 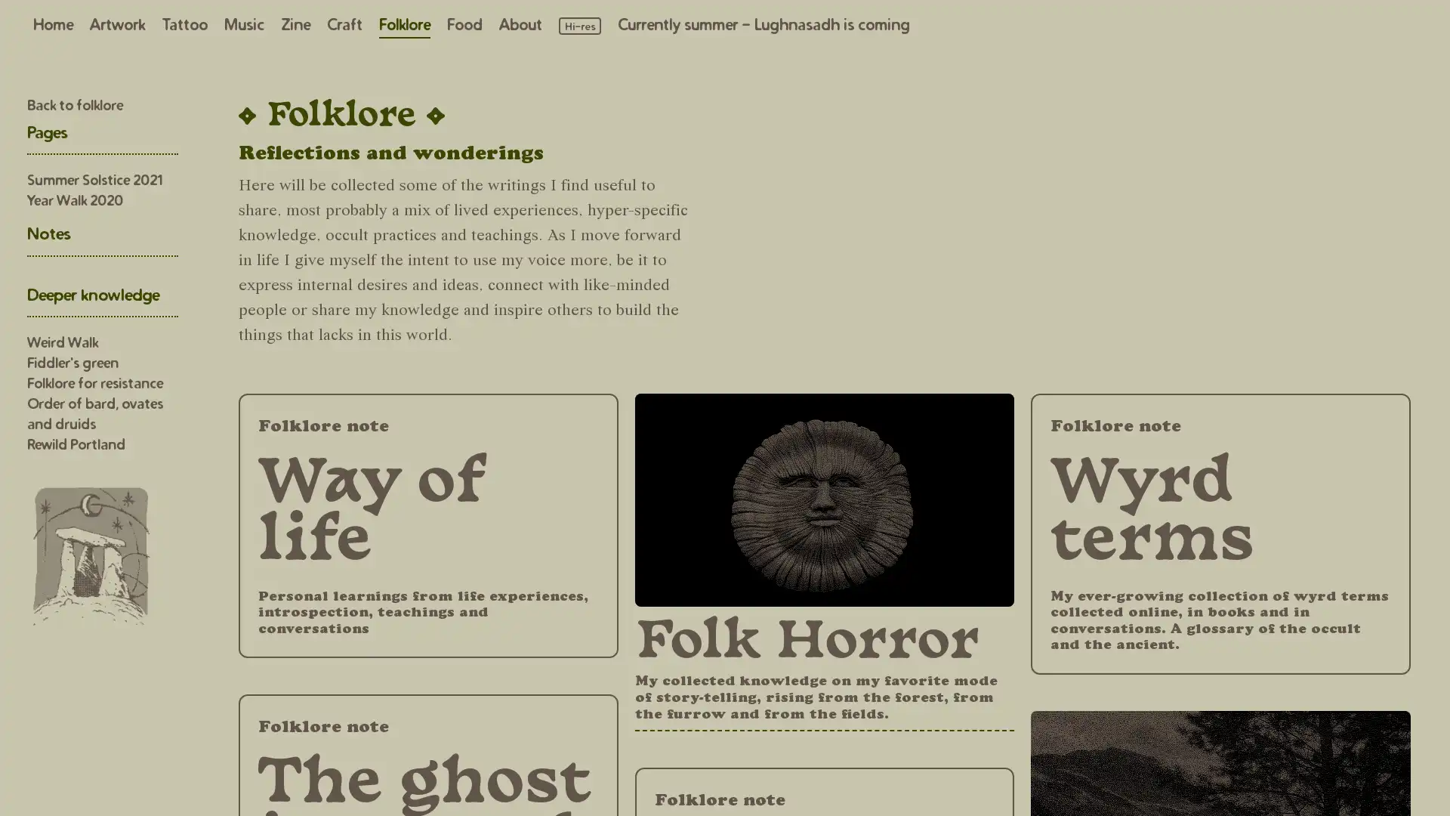 What do you see at coordinates (579, 26) in the screenshot?
I see `Load high resolution images` at bounding box center [579, 26].